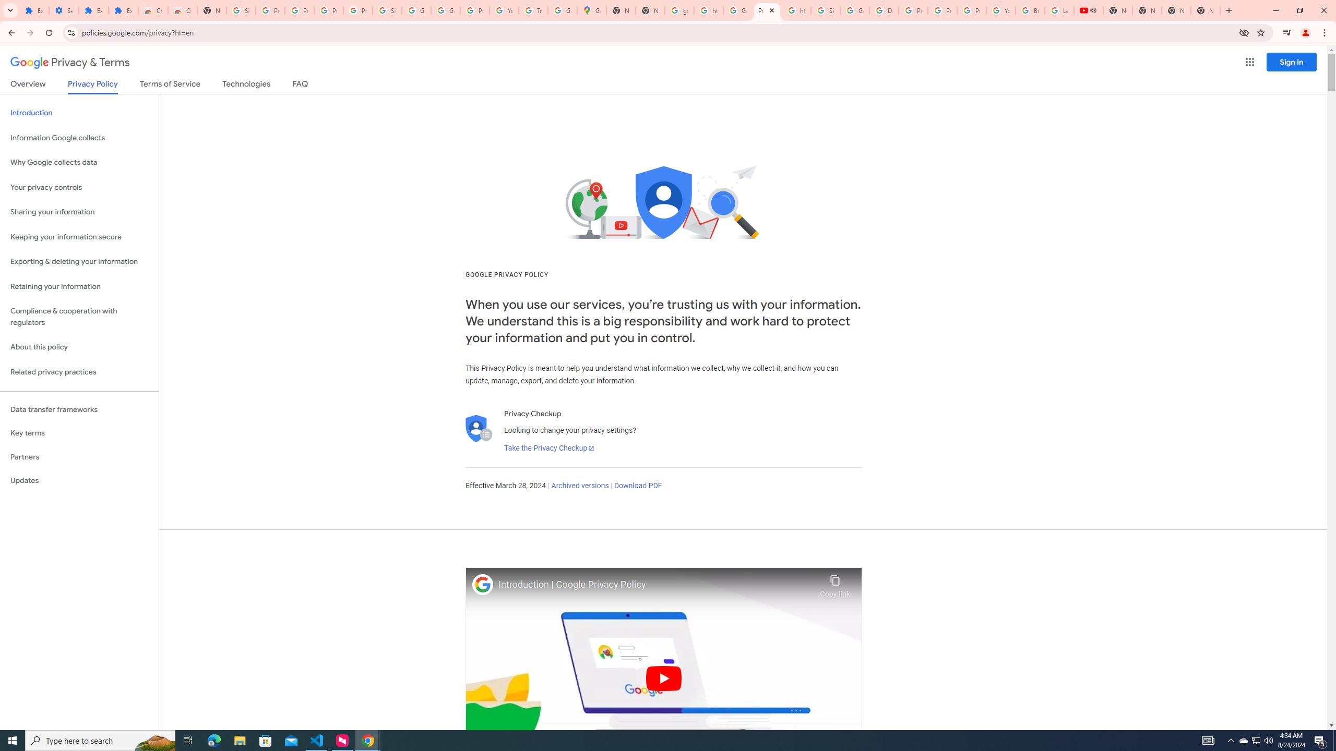 The height and width of the screenshot is (751, 1336). I want to click on 'Archived versions', so click(579, 485).